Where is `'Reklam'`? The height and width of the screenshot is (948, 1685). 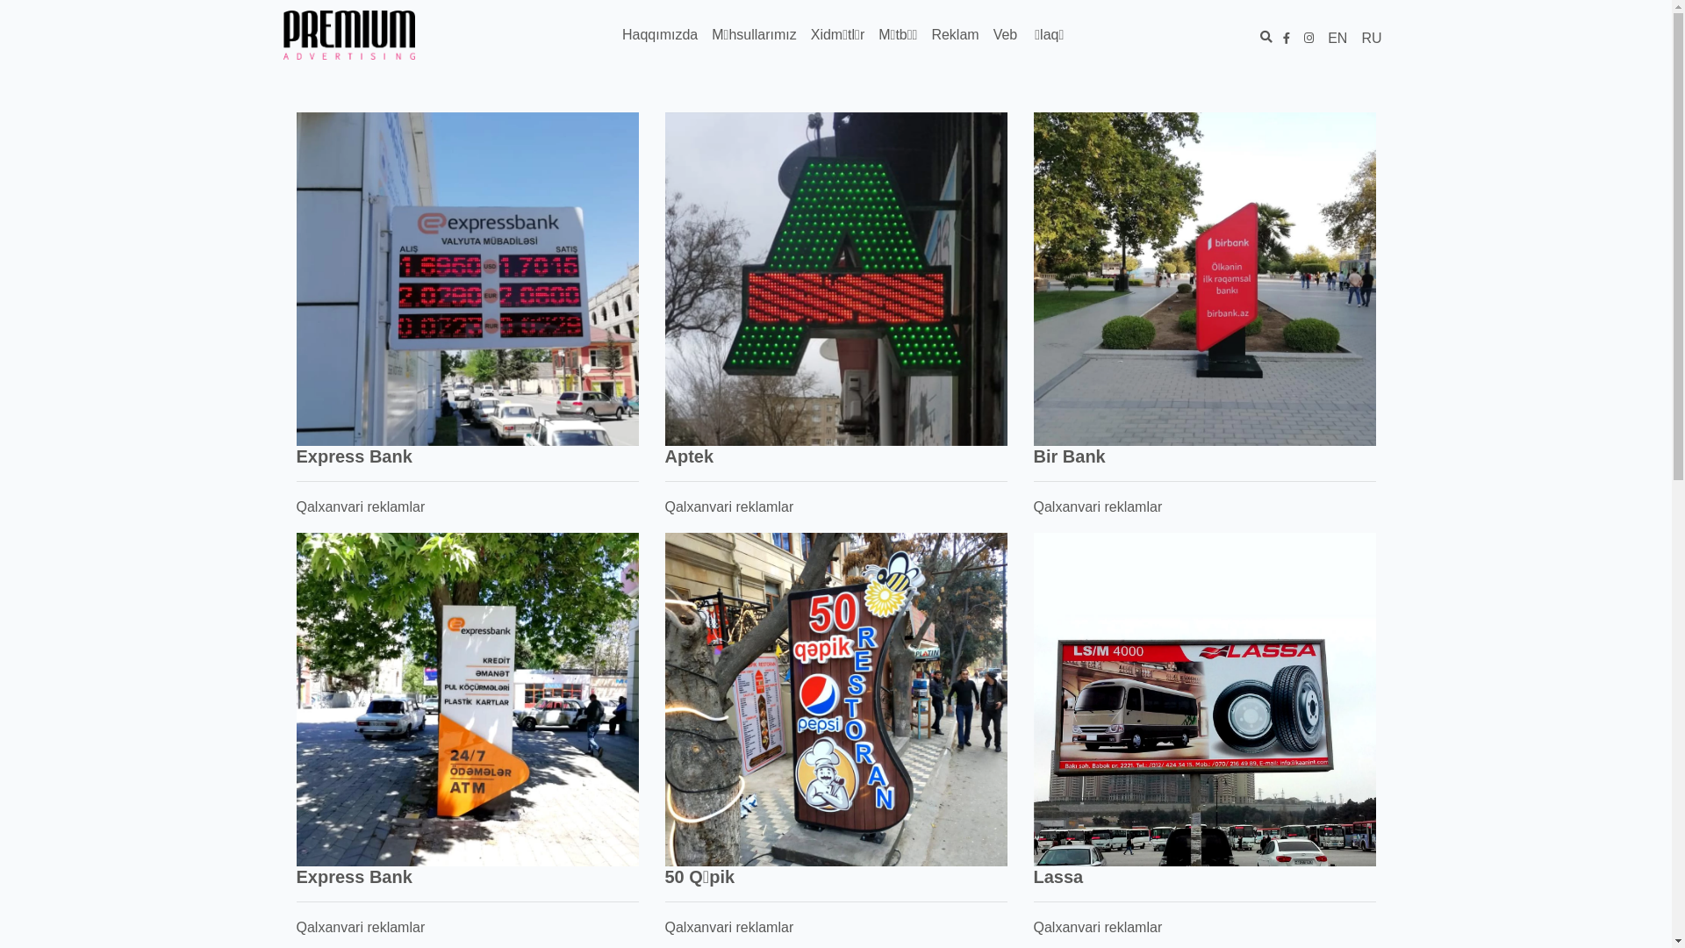
'Reklam' is located at coordinates (954, 34).